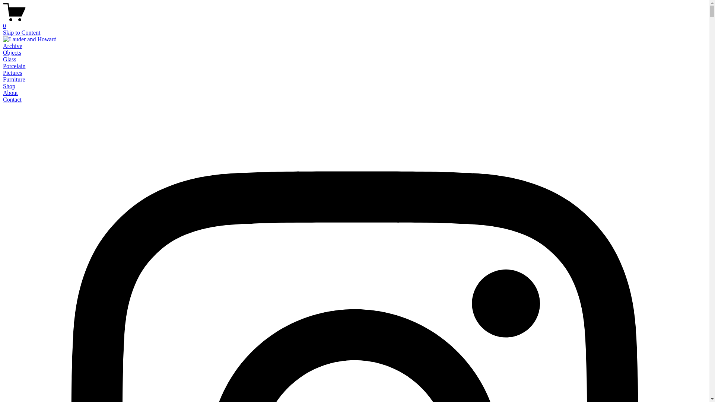 This screenshot has height=402, width=715. Describe the element at coordinates (9, 59) in the screenshot. I see `'Glass'` at that location.